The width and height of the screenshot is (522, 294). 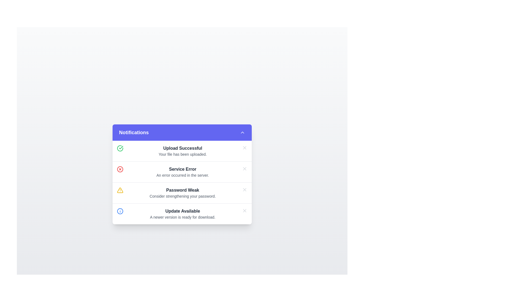 I want to click on the 'Upload Successful' text block in the Notifications panel, which includes a bold black text message and a smaller gray message, positioned centrally within the first notification item, so click(x=183, y=151).